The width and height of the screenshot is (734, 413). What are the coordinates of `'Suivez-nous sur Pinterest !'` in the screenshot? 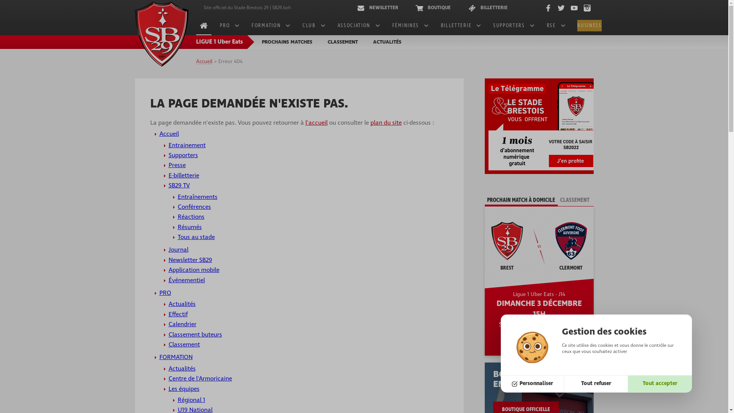 It's located at (581, 8).